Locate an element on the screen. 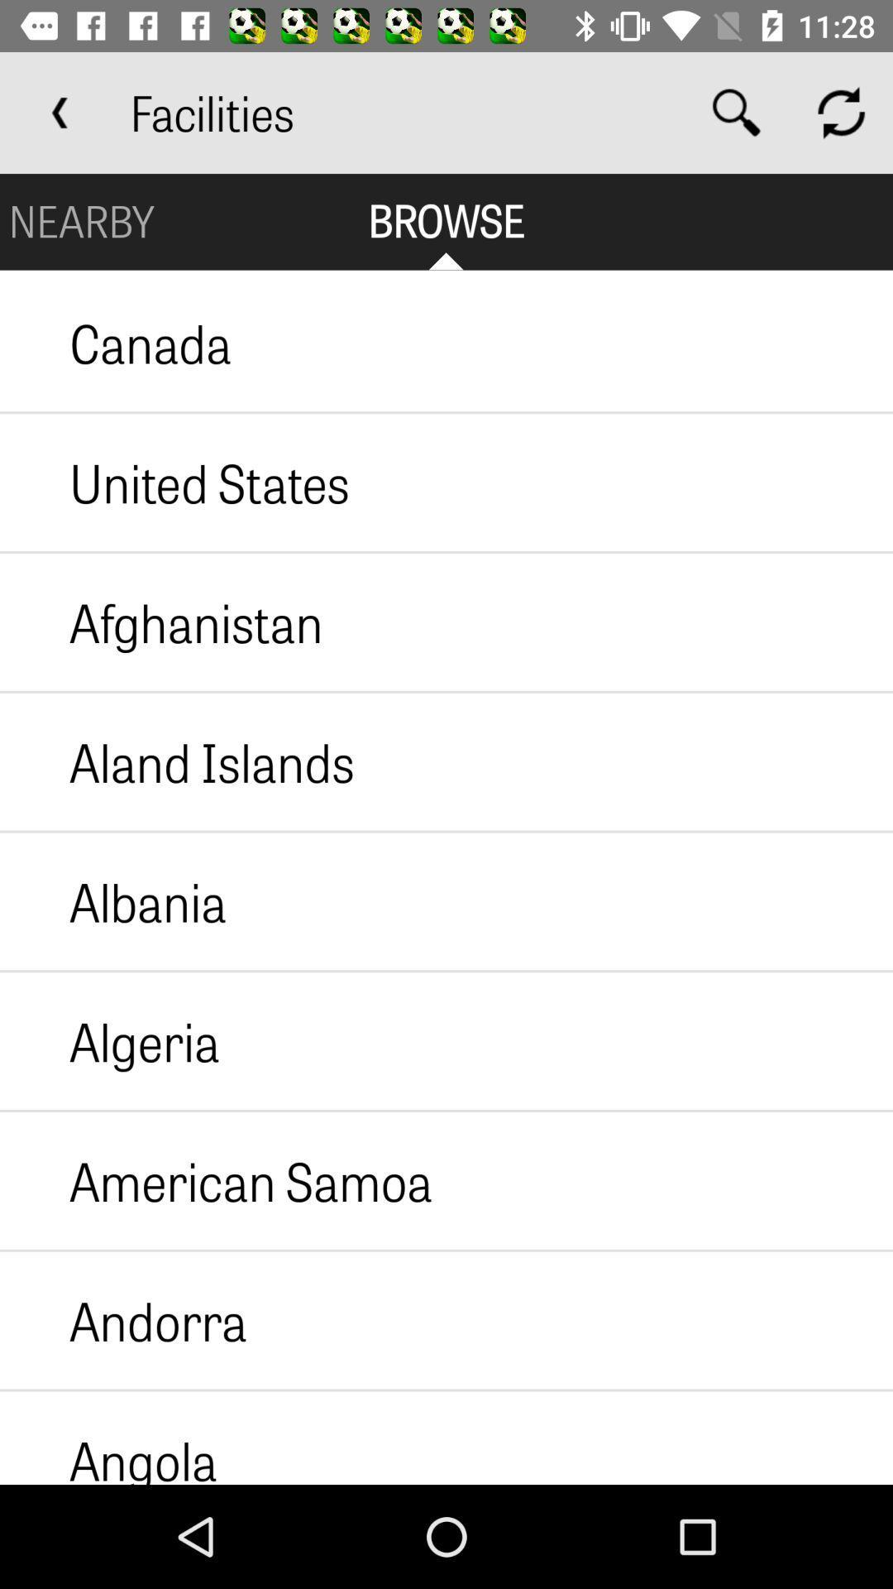 The image size is (893, 1589). icon below the united states item is located at coordinates (161, 621).